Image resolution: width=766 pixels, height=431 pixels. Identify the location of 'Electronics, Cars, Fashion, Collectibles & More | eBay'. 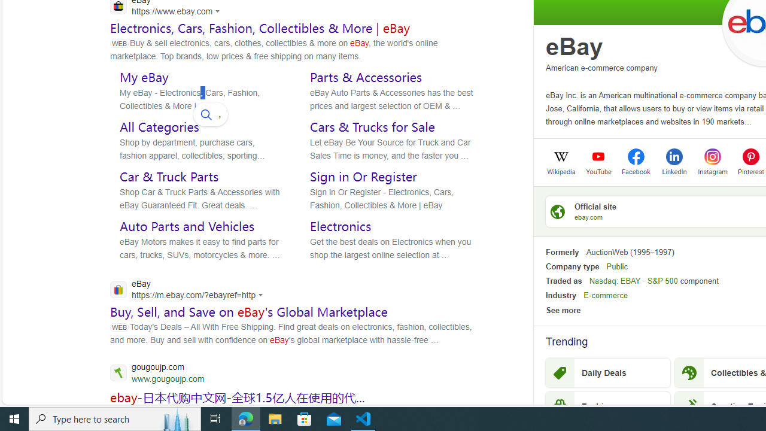
(260, 27).